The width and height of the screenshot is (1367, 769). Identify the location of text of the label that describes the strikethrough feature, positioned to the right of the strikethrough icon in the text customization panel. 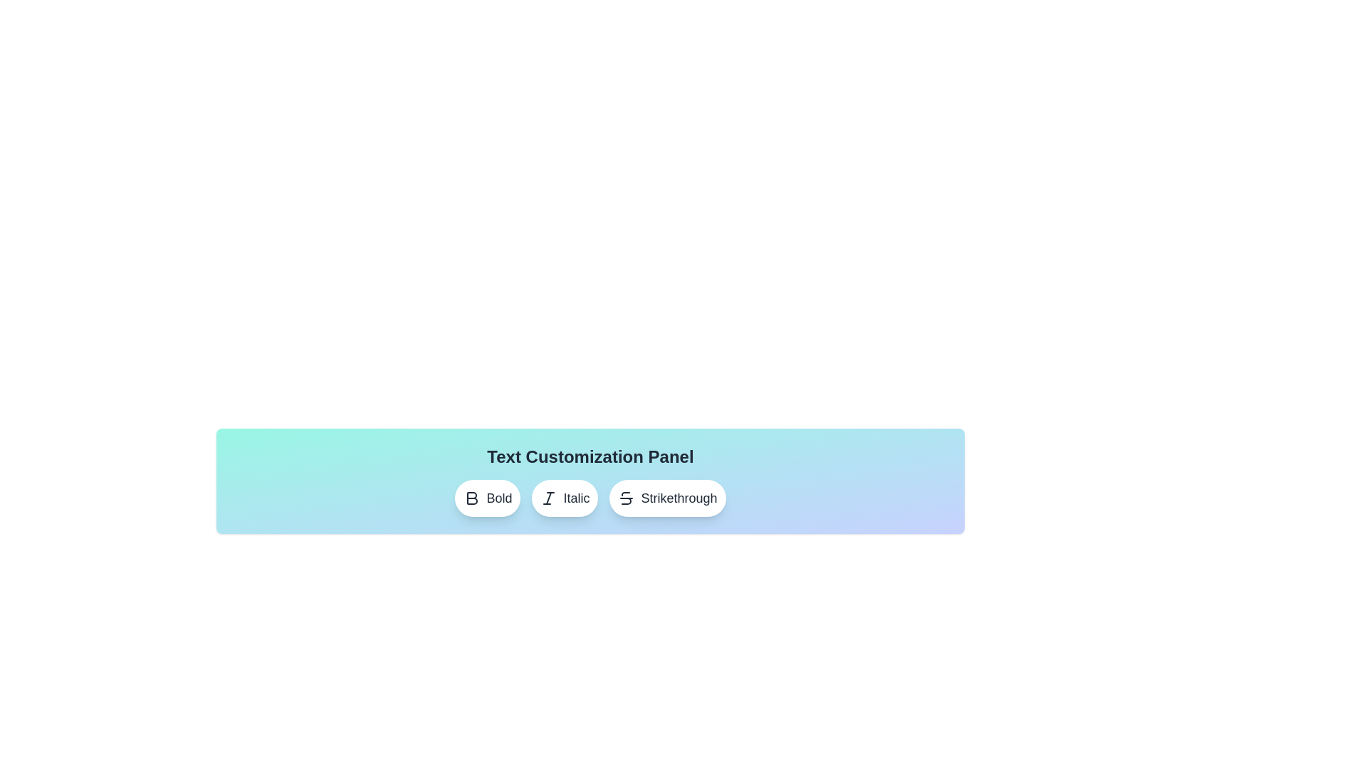
(679, 497).